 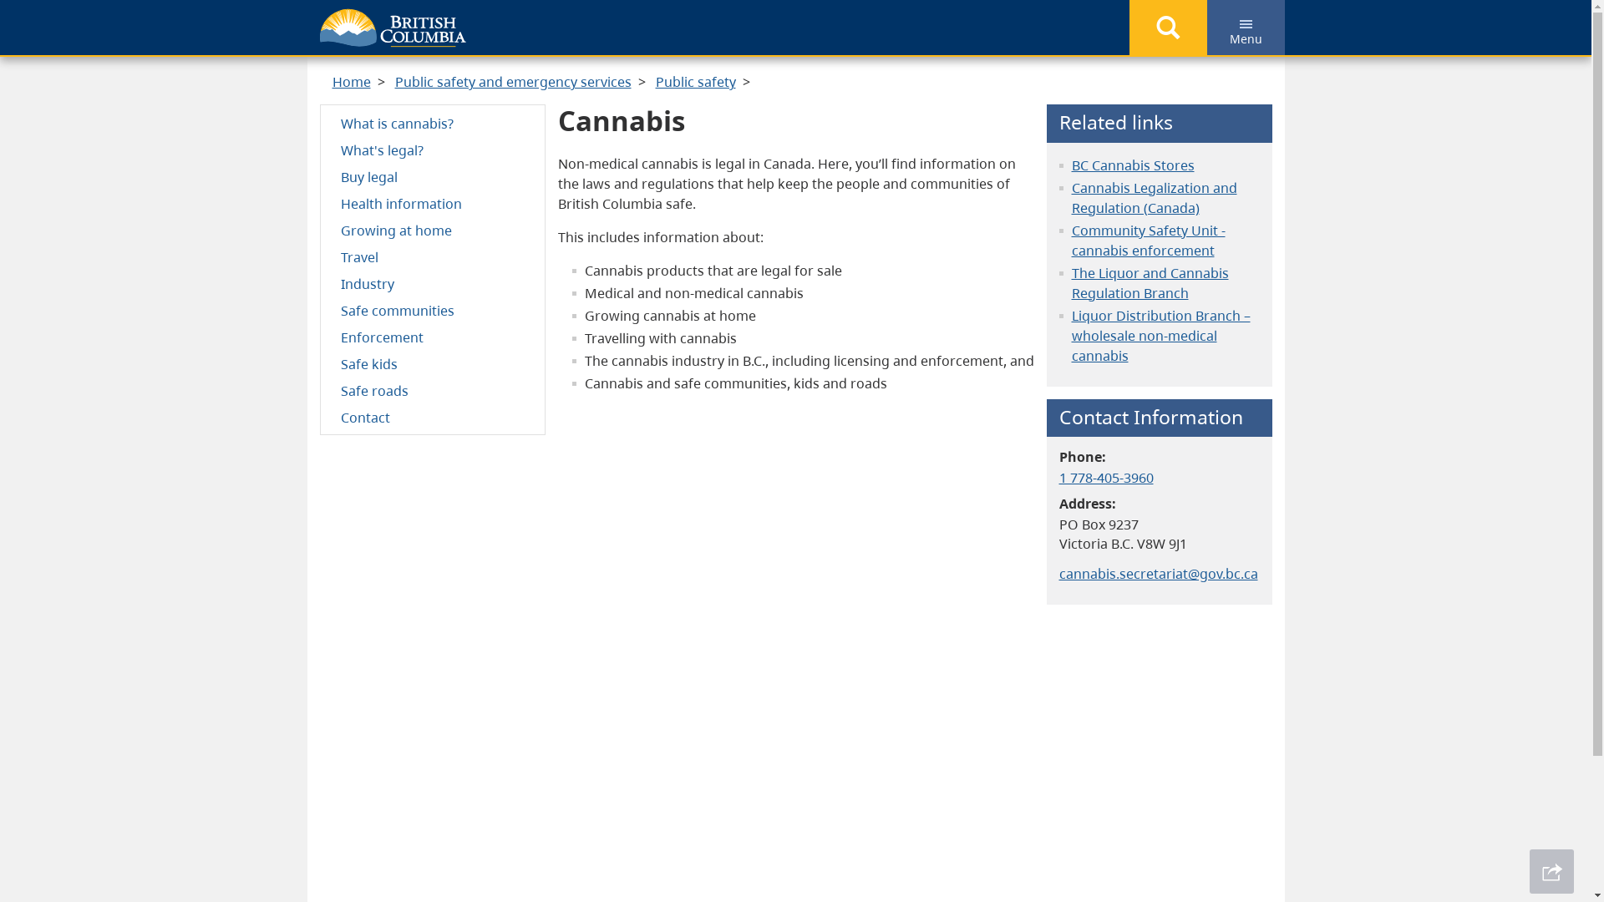 What do you see at coordinates (1132, 165) in the screenshot?
I see `'BC Cannabis Stores'` at bounding box center [1132, 165].